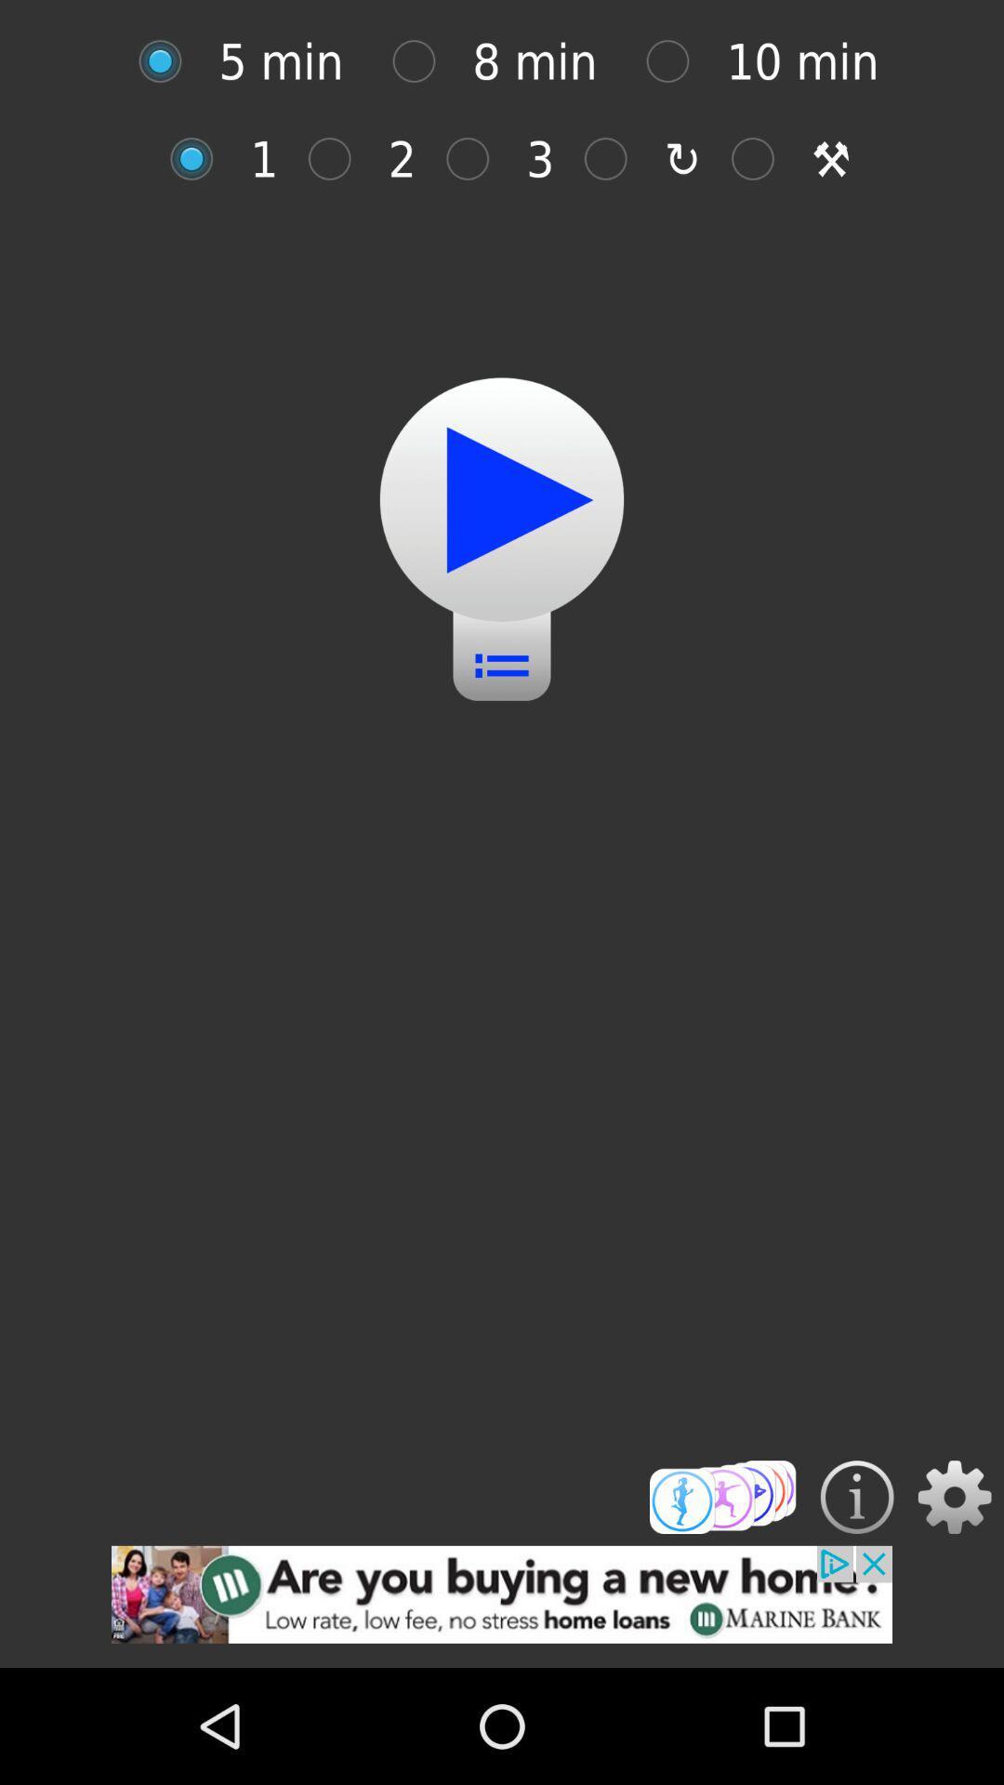 The height and width of the screenshot is (1785, 1004). I want to click on to select time option, so click(169, 61).